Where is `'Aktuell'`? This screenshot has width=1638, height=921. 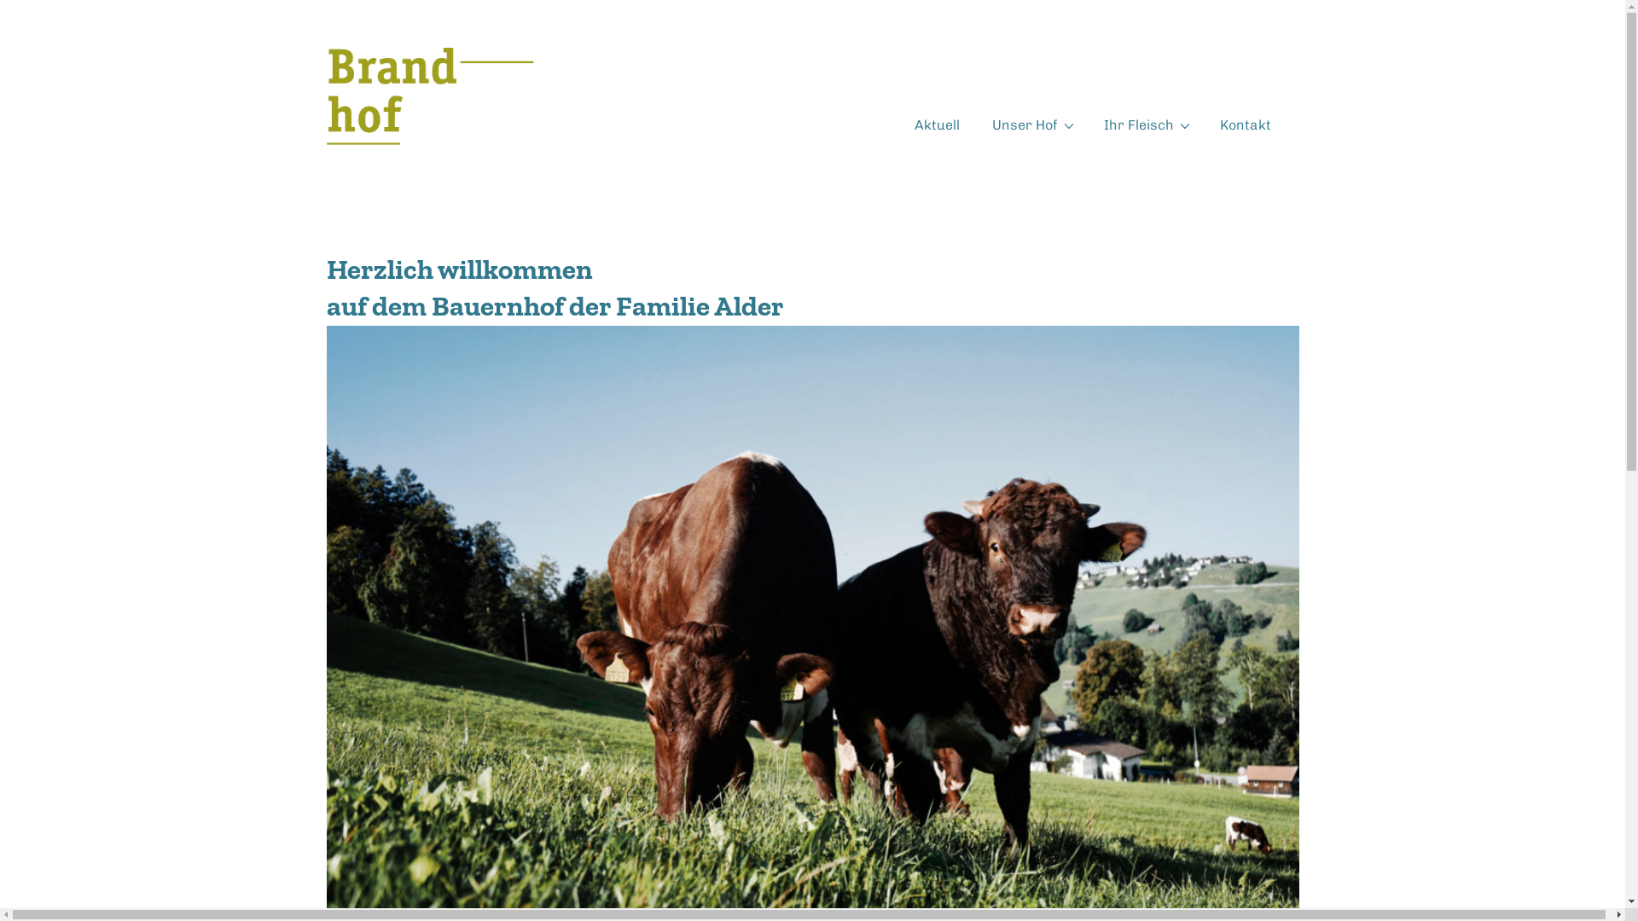
'Aktuell' is located at coordinates (936, 124).